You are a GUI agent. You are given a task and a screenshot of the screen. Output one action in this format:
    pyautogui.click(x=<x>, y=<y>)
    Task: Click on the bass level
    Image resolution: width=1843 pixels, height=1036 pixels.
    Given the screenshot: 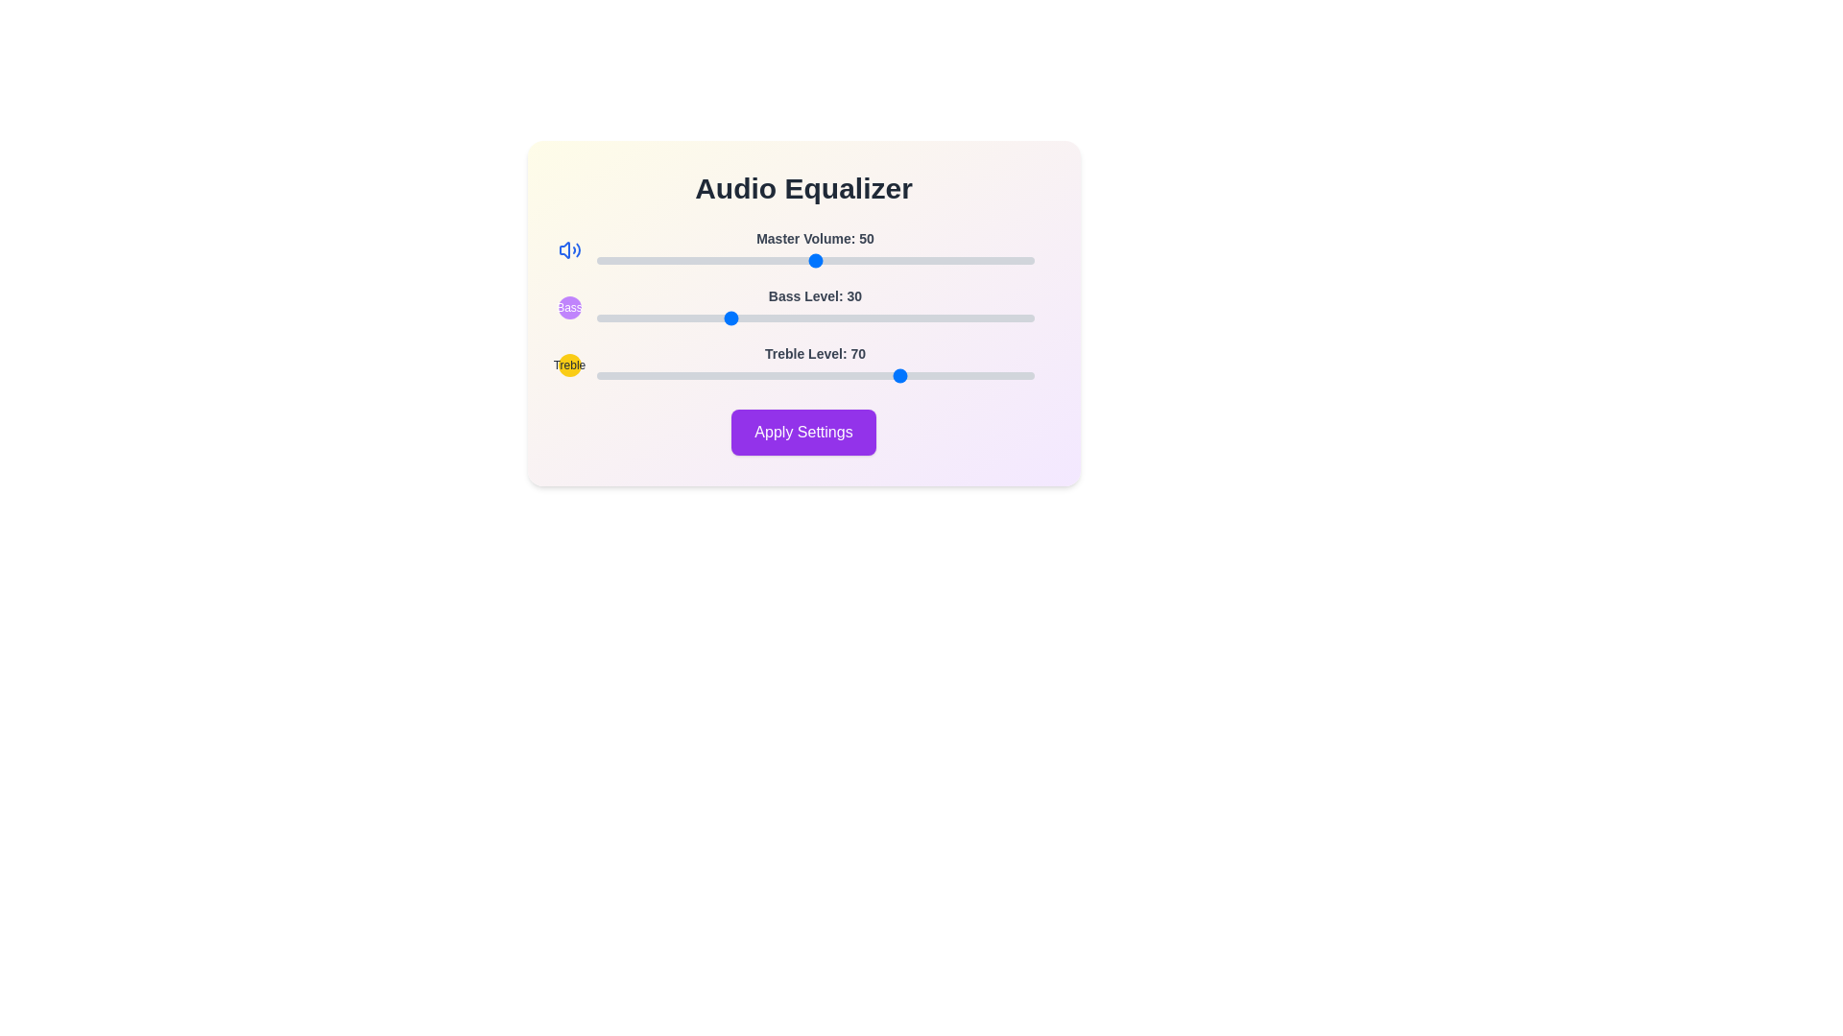 What is the action you would take?
    pyautogui.click(x=700, y=317)
    